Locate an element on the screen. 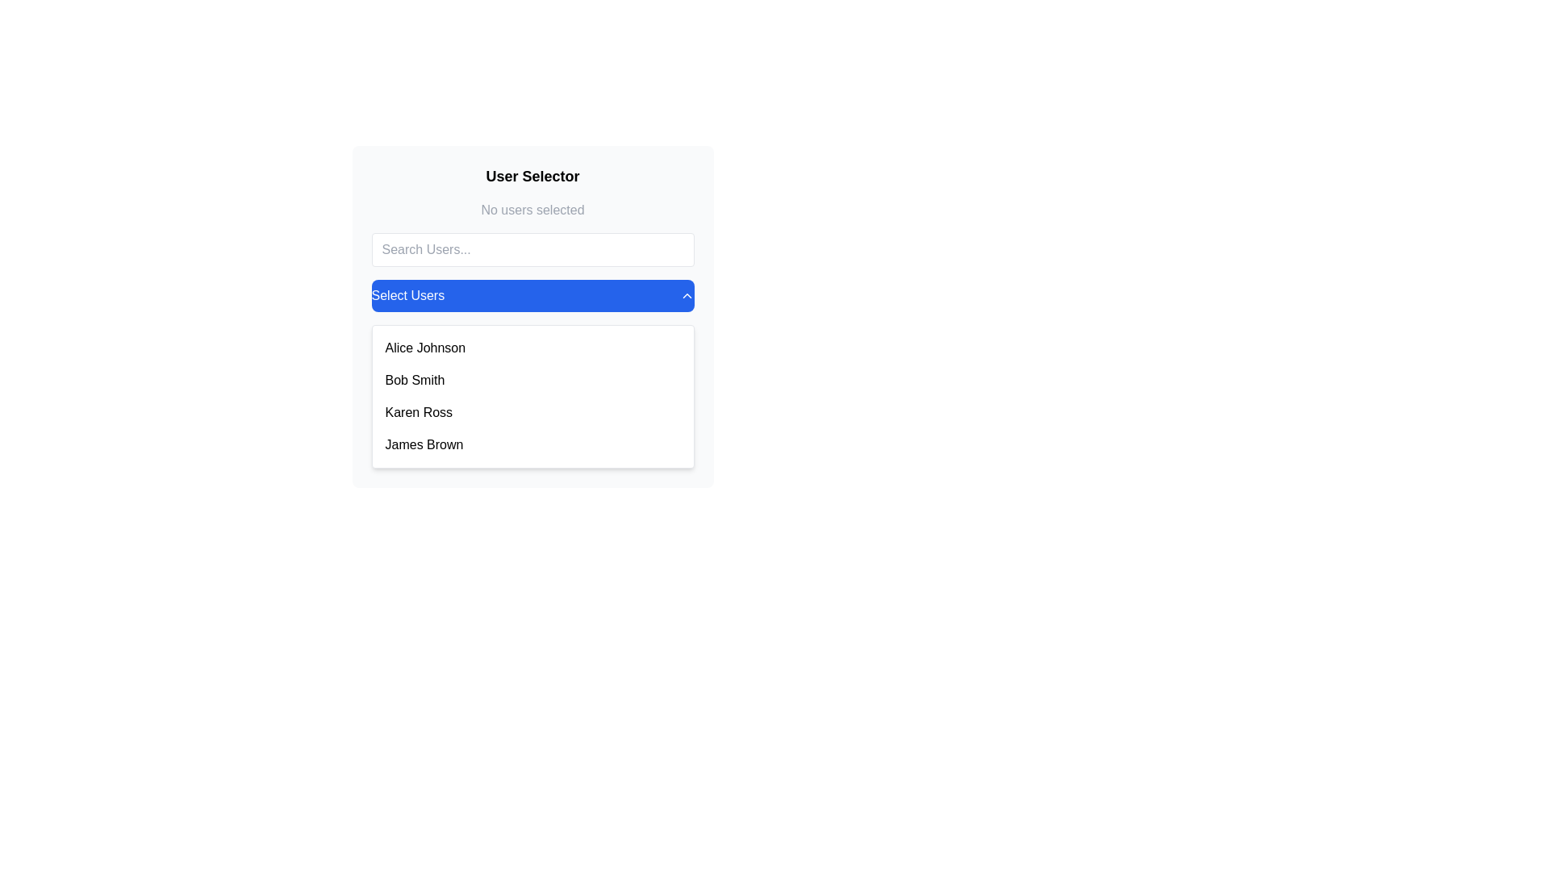 This screenshot has width=1549, height=871. the fourth user name in the 'User Selector' list, which is a selectable element for user input is located at coordinates (532, 444).